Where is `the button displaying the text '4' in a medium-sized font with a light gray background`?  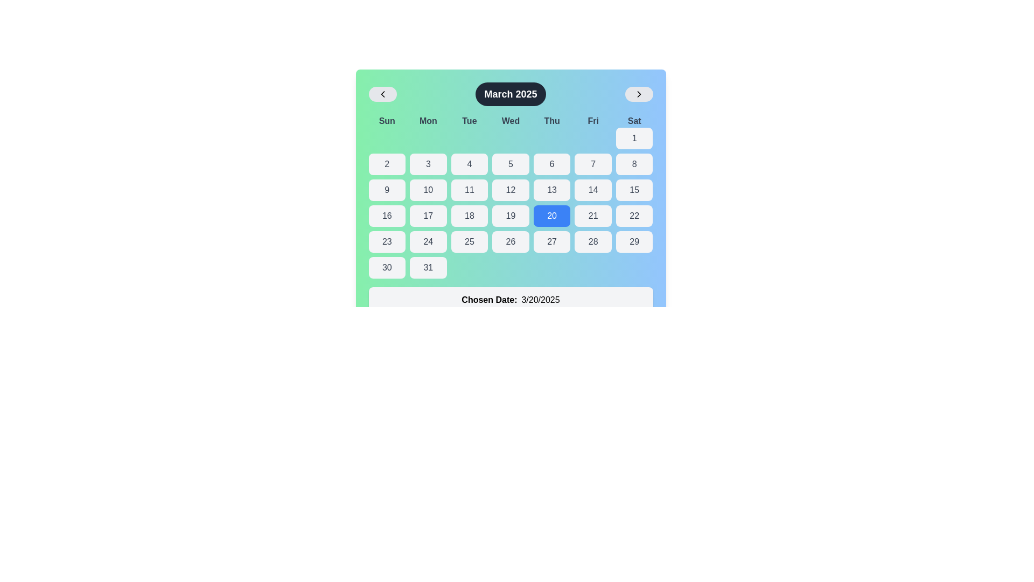 the button displaying the text '4' in a medium-sized font with a light gray background is located at coordinates (469, 164).